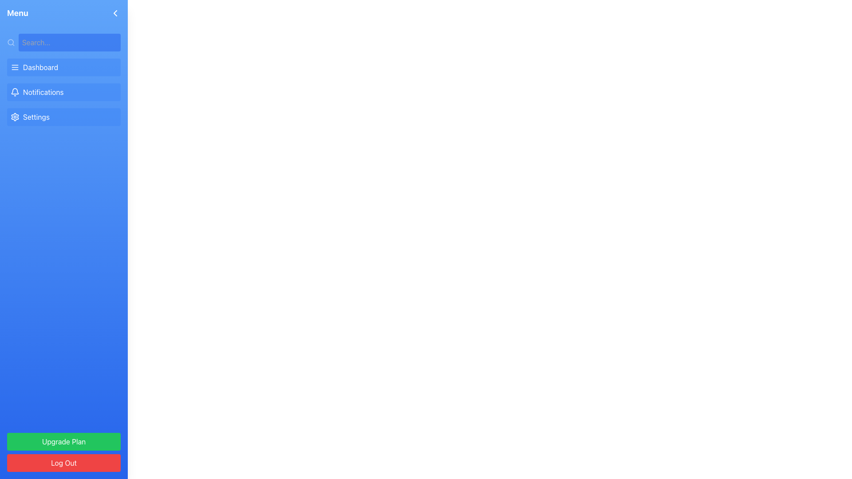  I want to click on the Text Label located near the top-left corner of the interface, which serves as a heading for the menu section, so click(17, 13).